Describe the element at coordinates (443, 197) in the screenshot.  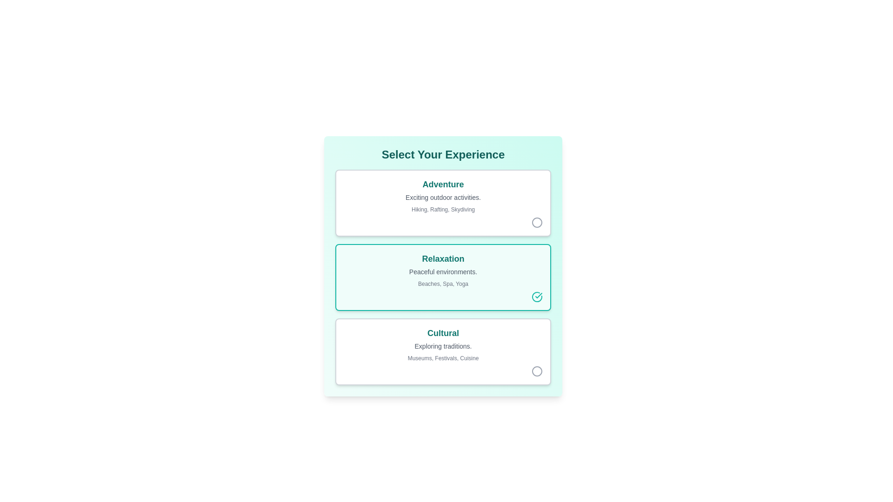
I see `the descriptive subtitle that provides additional information about the 'Adventure' option, positioned between the heading 'Adventure' and the descriptive text 'Hiking, Rafting, Skydiving'` at that location.